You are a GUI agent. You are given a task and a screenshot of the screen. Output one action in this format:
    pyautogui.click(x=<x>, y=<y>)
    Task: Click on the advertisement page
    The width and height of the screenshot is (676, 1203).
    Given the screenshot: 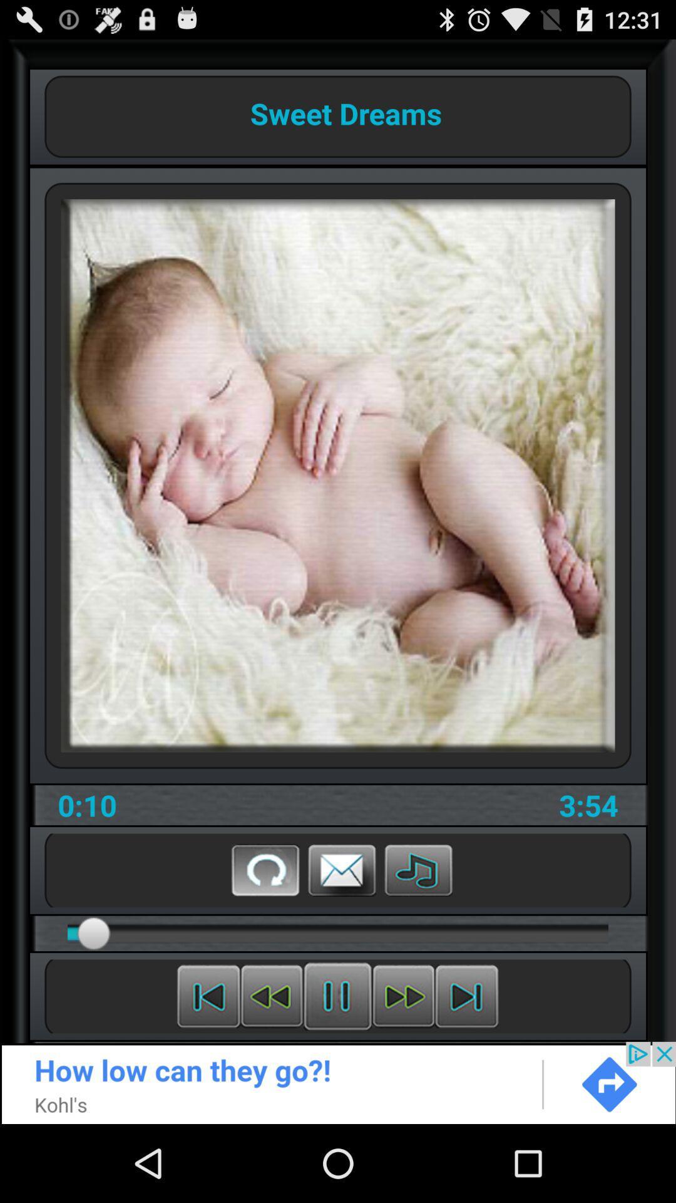 What is the action you would take?
    pyautogui.click(x=338, y=1082)
    